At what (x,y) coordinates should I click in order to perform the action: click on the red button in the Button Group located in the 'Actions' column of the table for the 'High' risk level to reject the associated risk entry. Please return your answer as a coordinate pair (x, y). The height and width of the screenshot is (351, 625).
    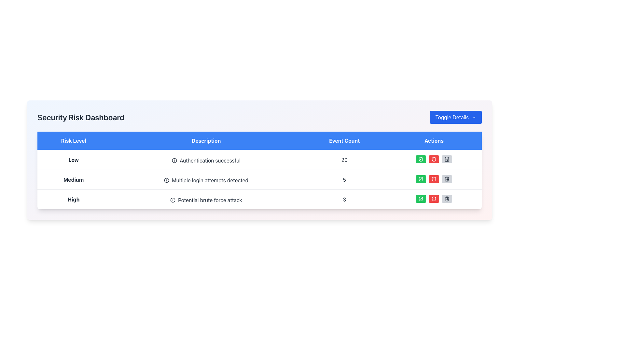
    Looking at the image, I should click on (434, 199).